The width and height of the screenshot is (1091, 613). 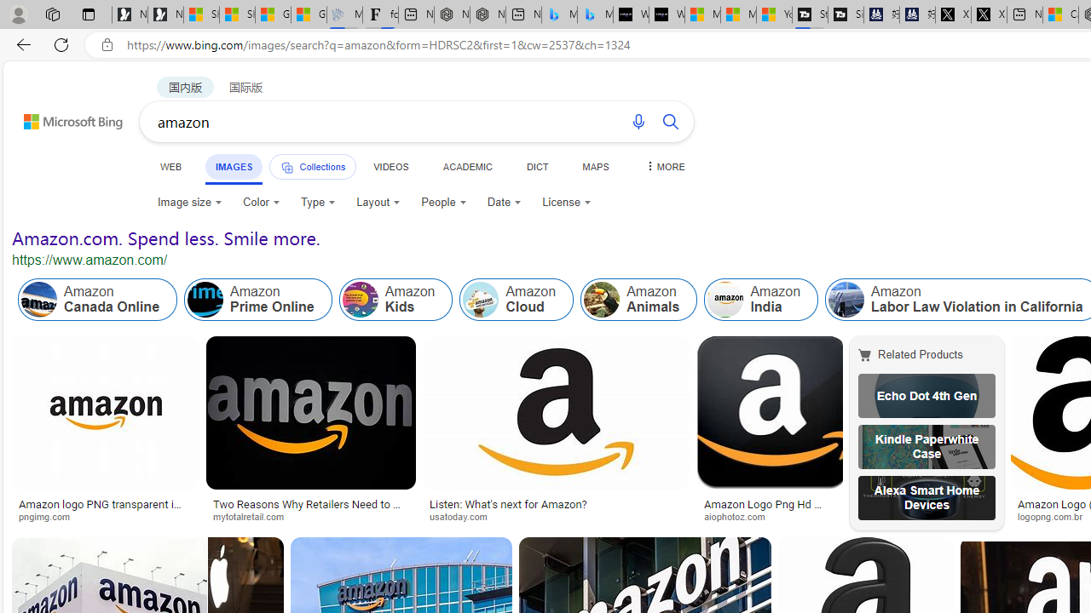 I want to click on 'Echo Dot 4th Gen', so click(x=926, y=396).